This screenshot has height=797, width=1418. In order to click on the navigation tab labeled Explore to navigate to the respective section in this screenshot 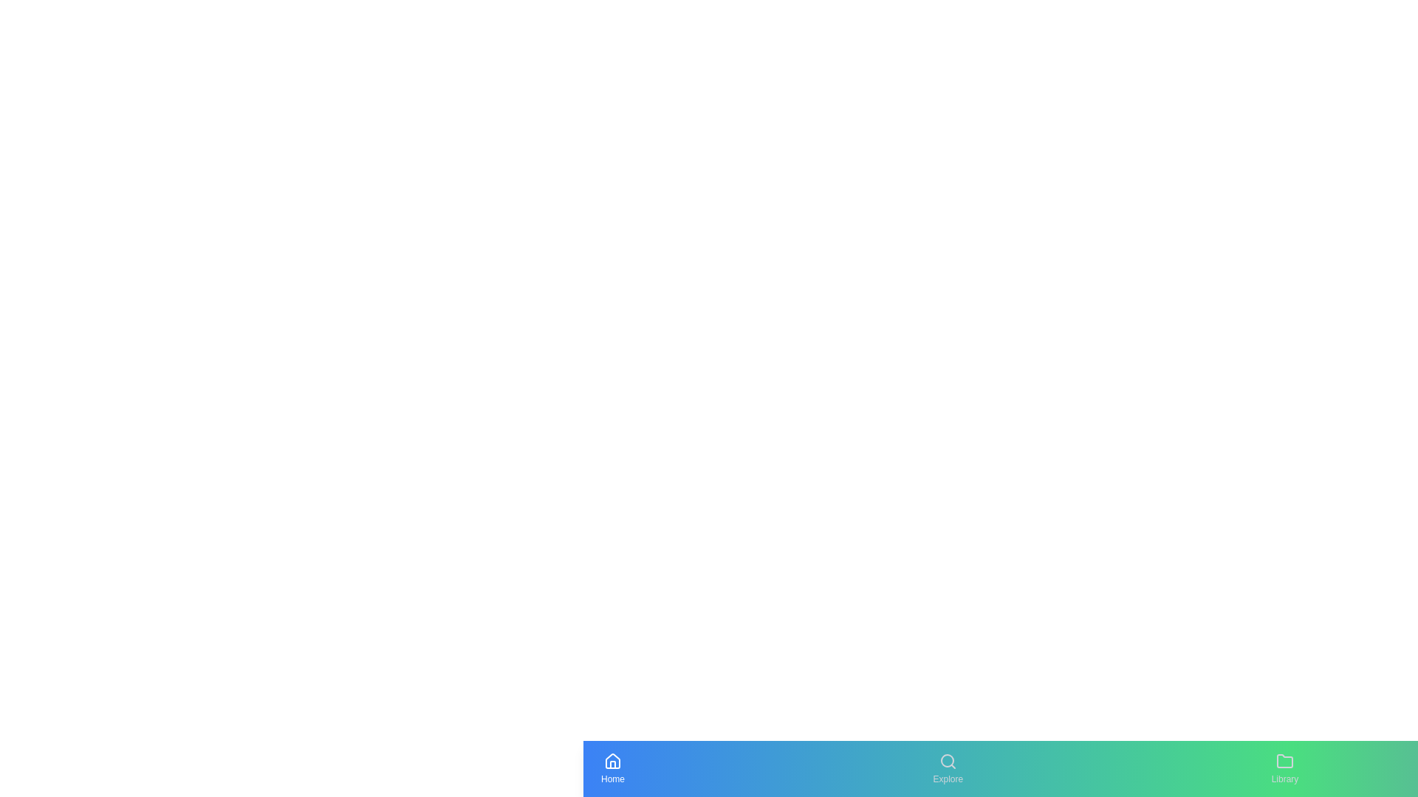, I will do `click(947, 767)`.